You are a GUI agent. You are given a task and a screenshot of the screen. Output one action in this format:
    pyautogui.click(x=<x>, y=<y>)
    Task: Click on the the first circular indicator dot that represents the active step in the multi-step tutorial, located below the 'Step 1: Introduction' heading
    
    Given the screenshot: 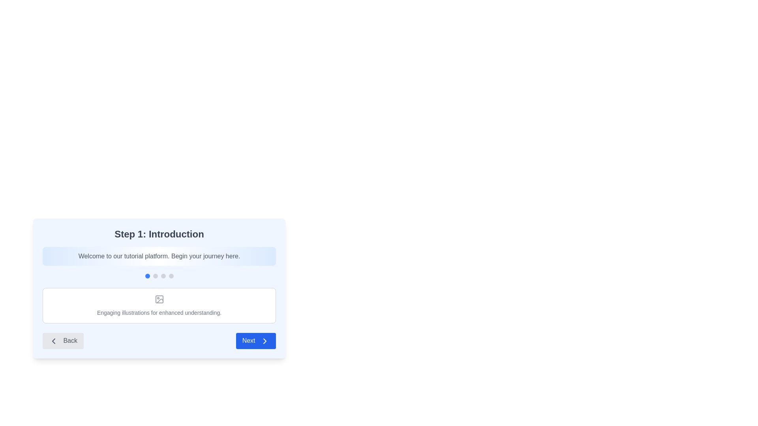 What is the action you would take?
    pyautogui.click(x=147, y=275)
    